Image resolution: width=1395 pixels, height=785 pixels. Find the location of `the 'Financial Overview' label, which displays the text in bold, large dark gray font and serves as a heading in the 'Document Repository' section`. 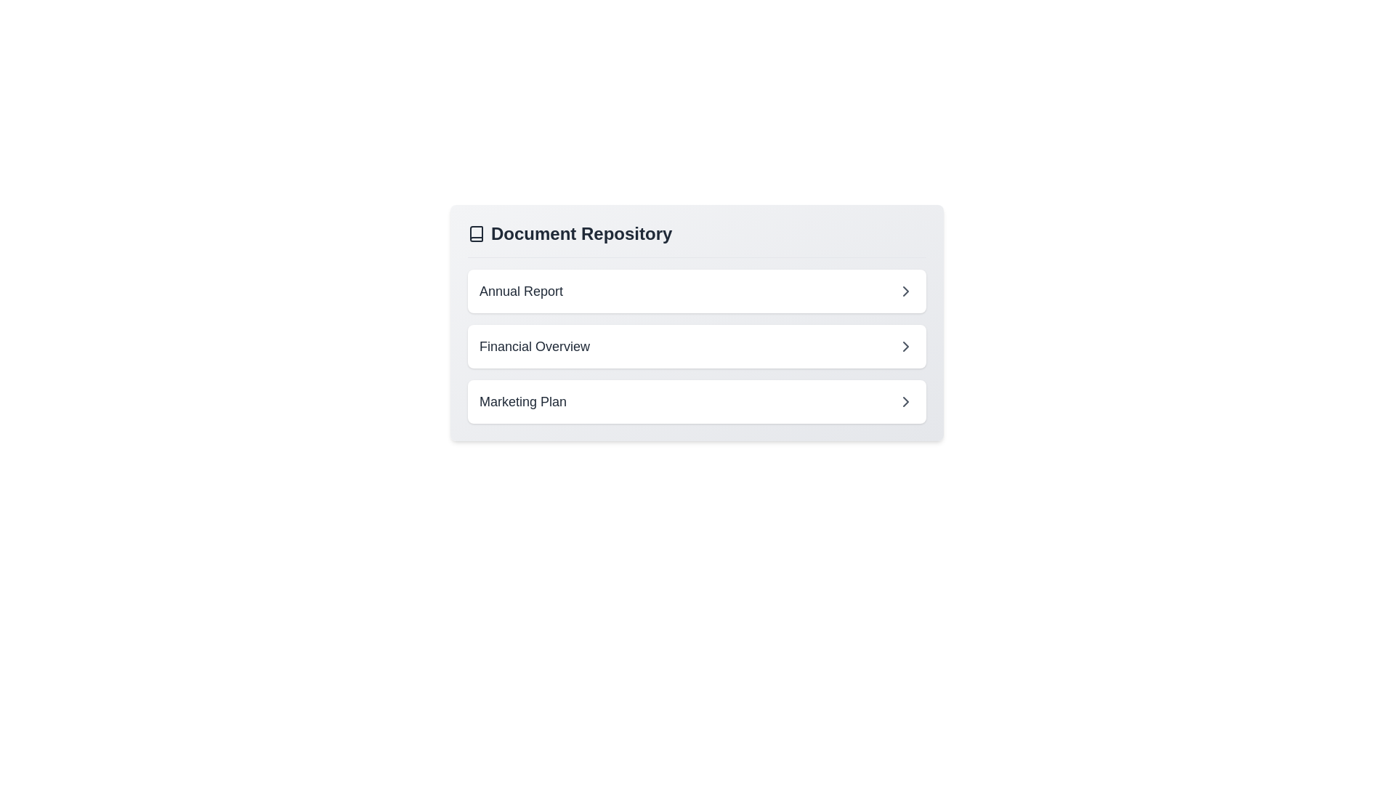

the 'Financial Overview' label, which displays the text in bold, large dark gray font and serves as a heading in the 'Document Repository' section is located at coordinates (533, 347).